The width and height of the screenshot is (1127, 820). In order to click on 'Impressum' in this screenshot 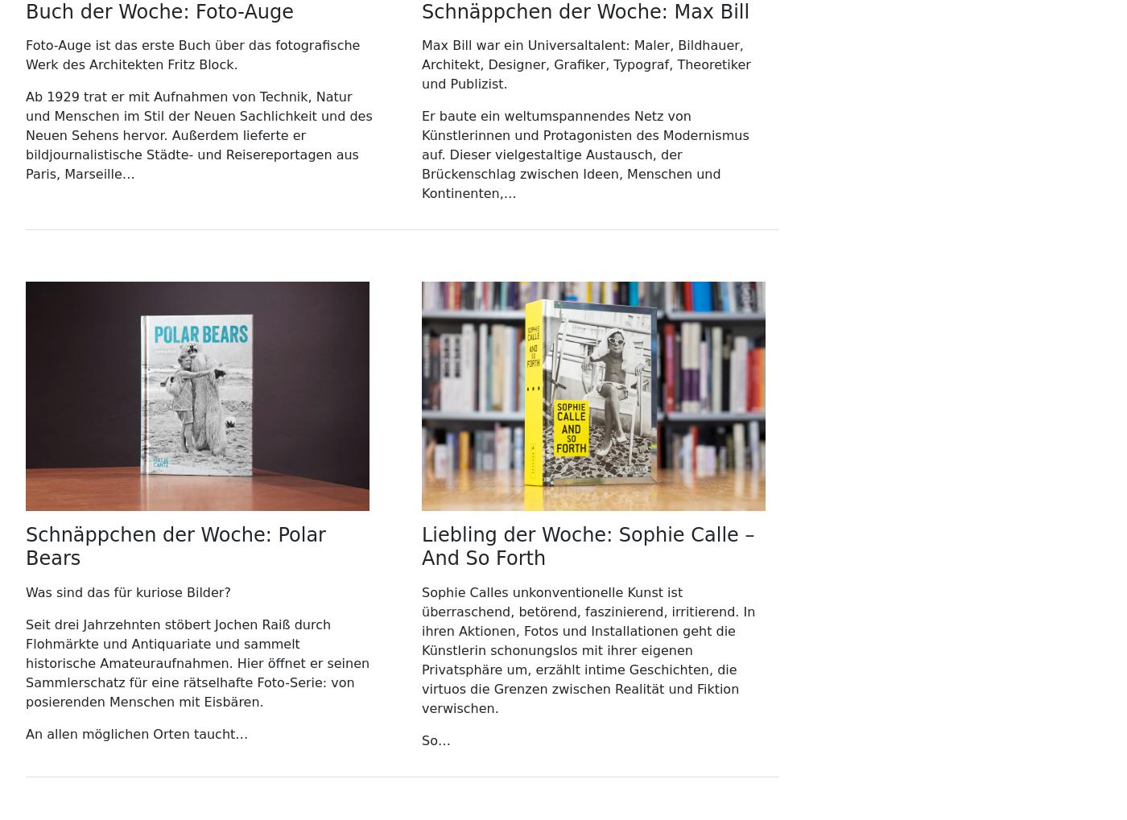, I will do `click(61, 96)`.